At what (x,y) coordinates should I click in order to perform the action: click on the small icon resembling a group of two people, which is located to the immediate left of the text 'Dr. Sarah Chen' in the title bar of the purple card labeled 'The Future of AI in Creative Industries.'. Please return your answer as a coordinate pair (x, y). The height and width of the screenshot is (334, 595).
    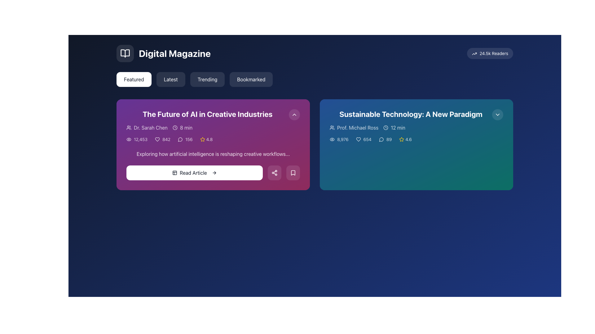
    Looking at the image, I should click on (129, 127).